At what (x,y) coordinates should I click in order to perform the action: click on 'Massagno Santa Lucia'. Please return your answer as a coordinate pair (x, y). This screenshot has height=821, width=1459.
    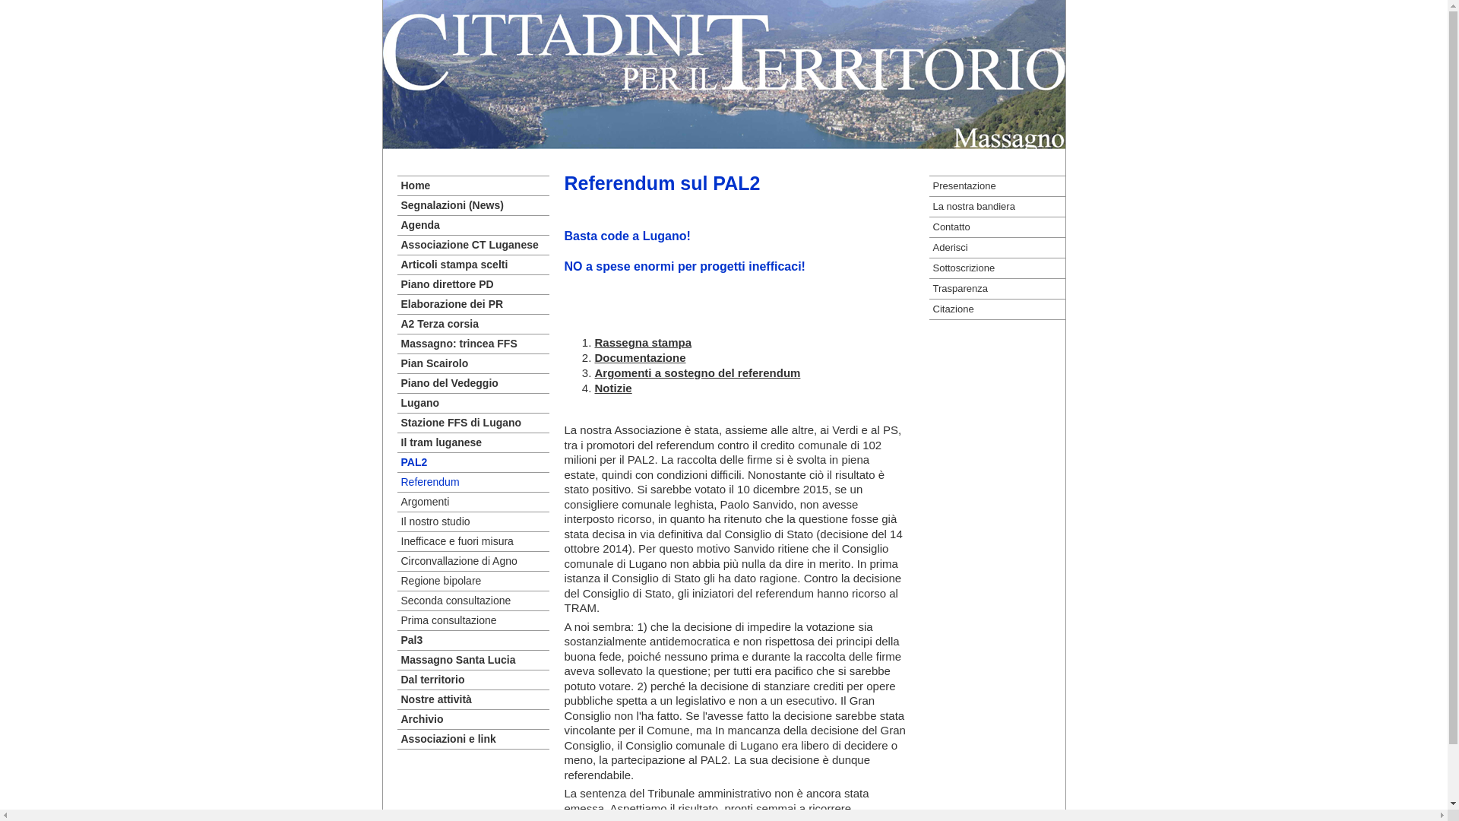
    Looking at the image, I should click on (472, 659).